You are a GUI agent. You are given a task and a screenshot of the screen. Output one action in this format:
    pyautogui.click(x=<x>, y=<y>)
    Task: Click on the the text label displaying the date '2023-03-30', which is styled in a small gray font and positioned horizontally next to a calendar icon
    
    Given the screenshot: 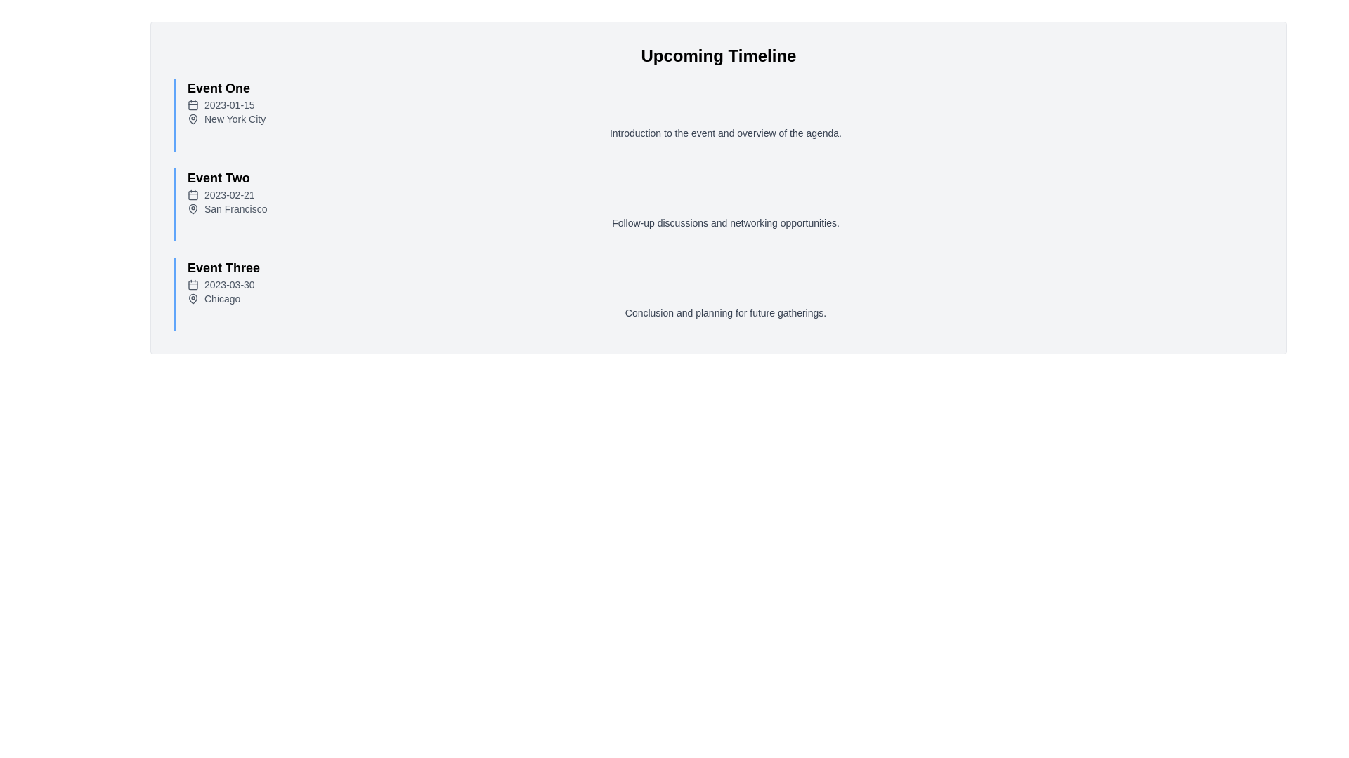 What is the action you would take?
    pyautogui.click(x=229, y=284)
    